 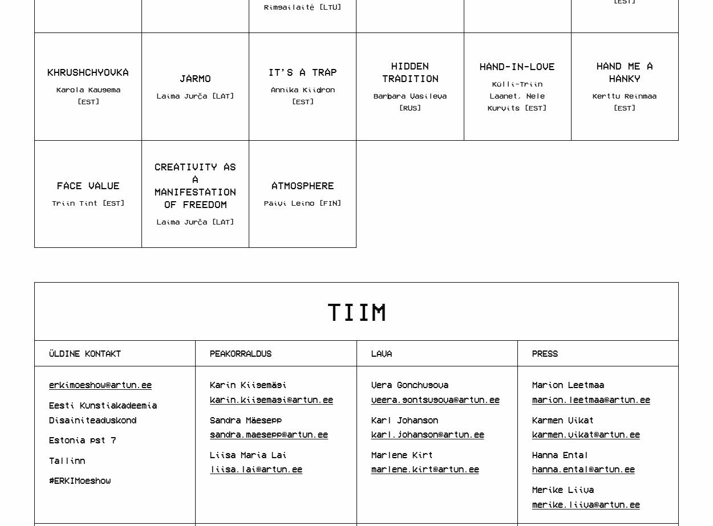 I want to click on 'marlene.kirt@artun.ee', so click(x=424, y=468).